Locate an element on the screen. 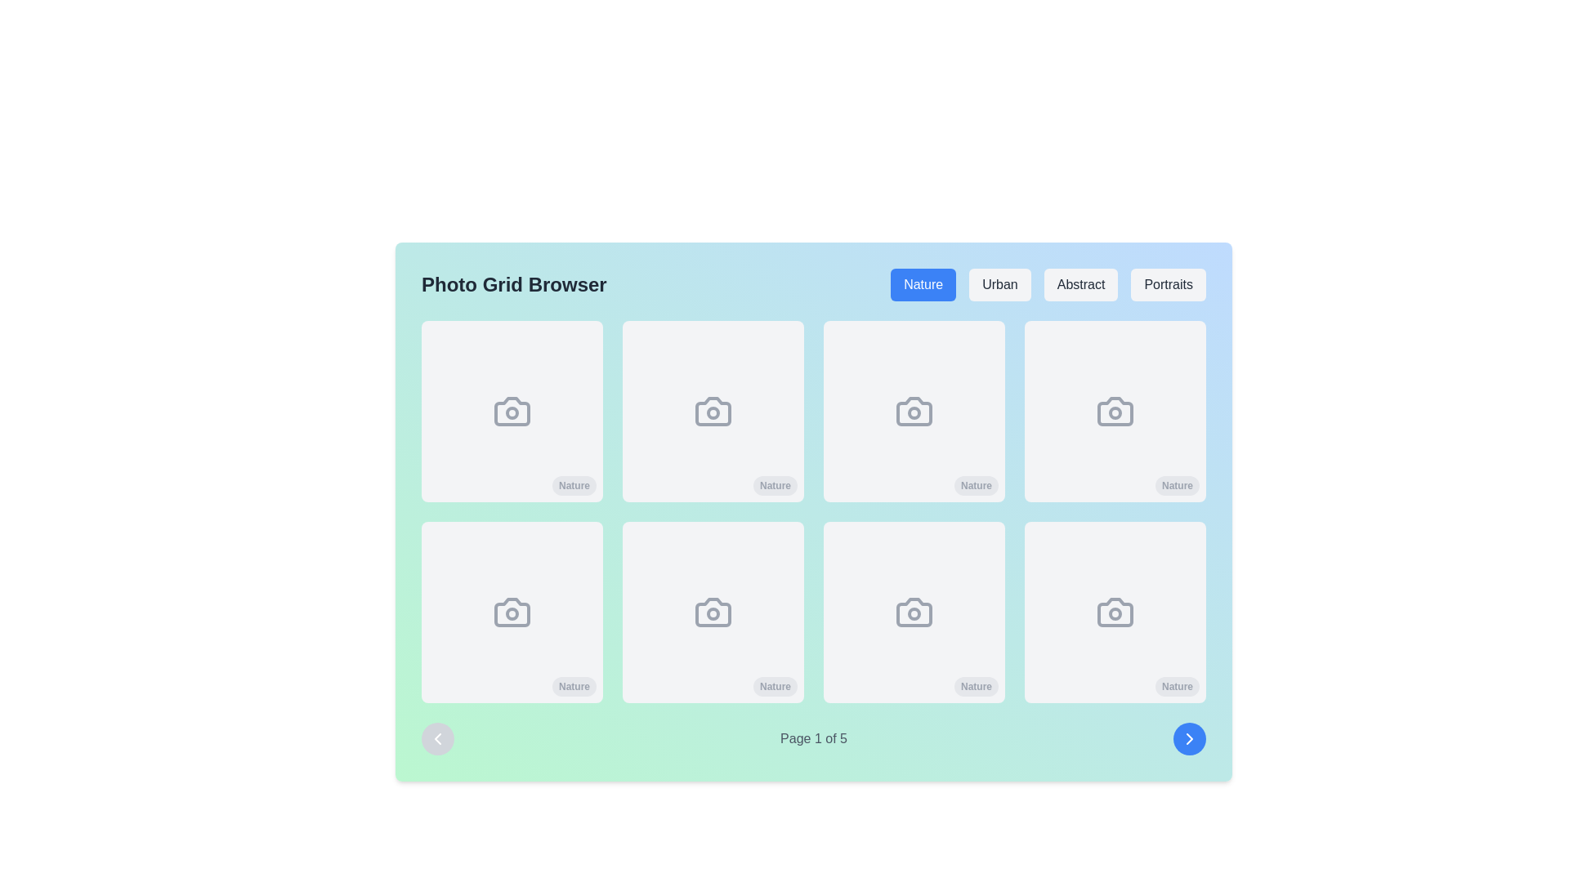 Image resolution: width=1569 pixels, height=882 pixels. the grid item labeled 'Nature' with a camera icon is located at coordinates (713, 612).